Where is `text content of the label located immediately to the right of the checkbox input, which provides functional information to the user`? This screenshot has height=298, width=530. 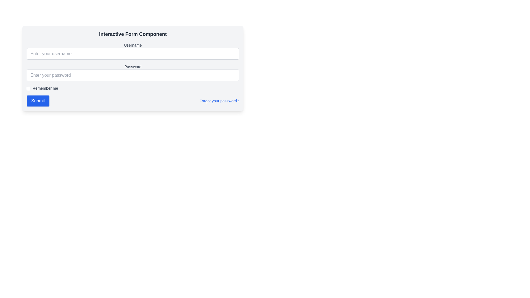 text content of the label located immediately to the right of the checkbox input, which provides functional information to the user is located at coordinates (45, 88).